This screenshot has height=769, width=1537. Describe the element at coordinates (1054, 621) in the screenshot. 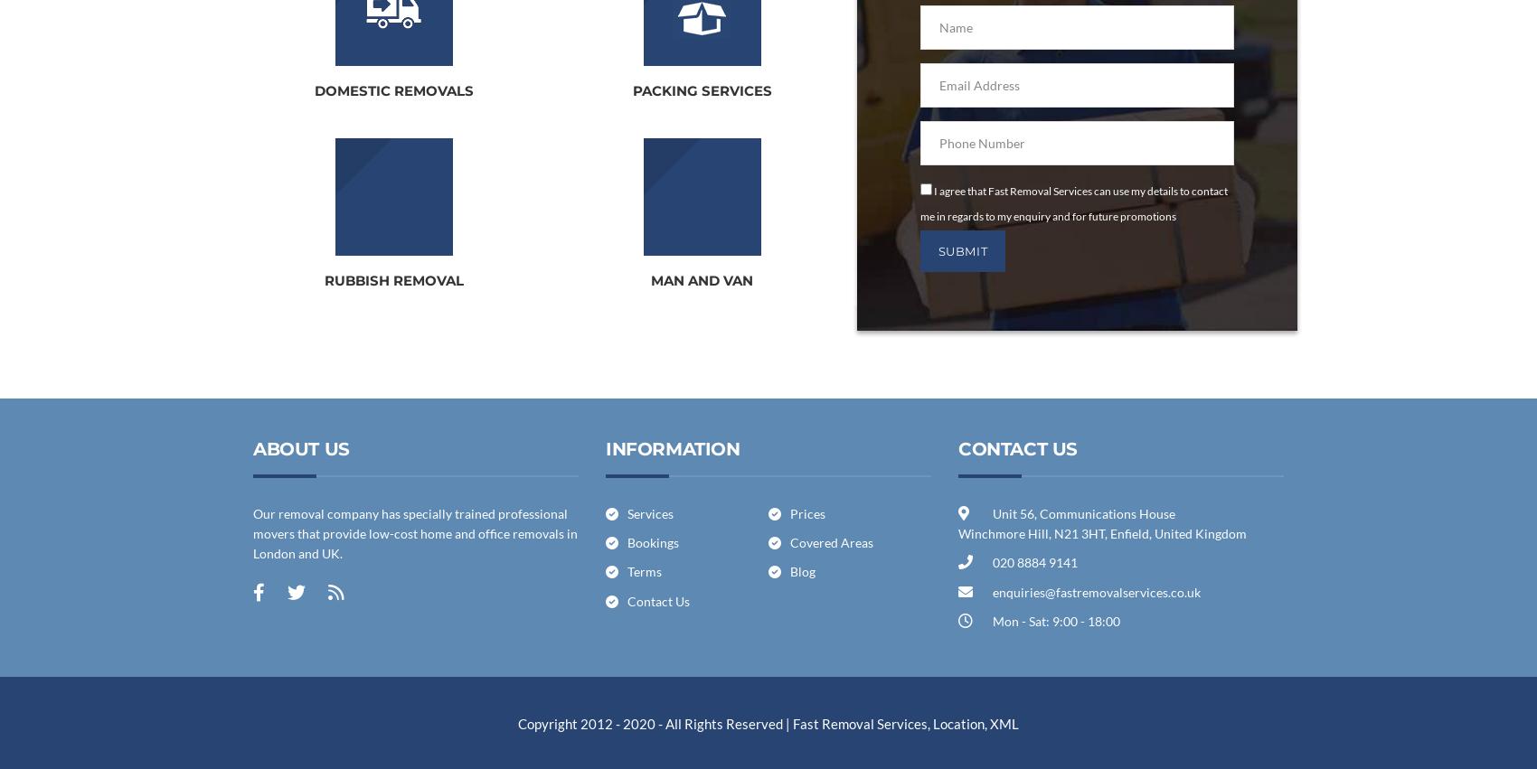

I see `'Mon - Sat: 9:00 - 18:00'` at that location.